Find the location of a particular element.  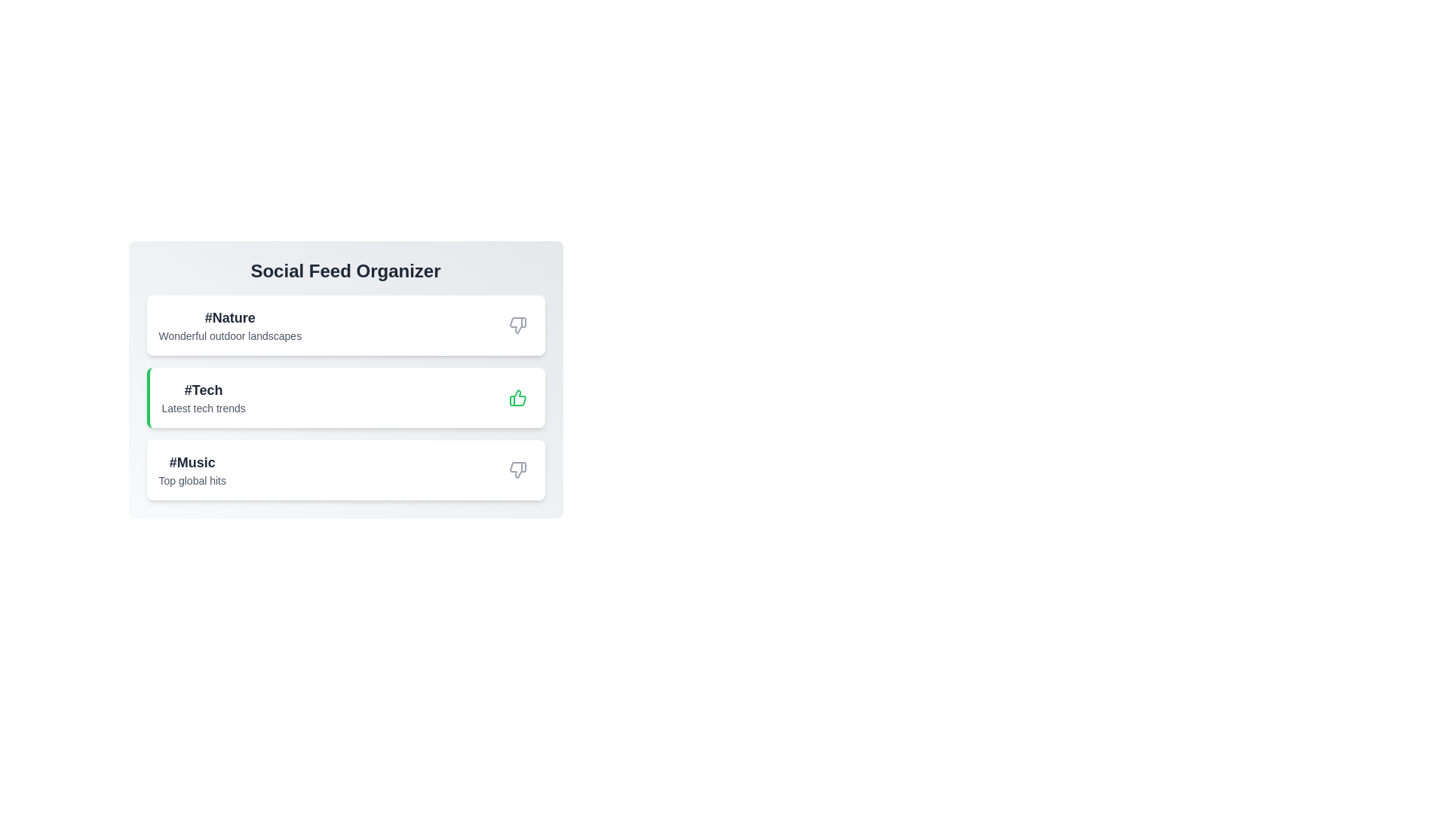

the category text Music to select it is located at coordinates (191, 461).